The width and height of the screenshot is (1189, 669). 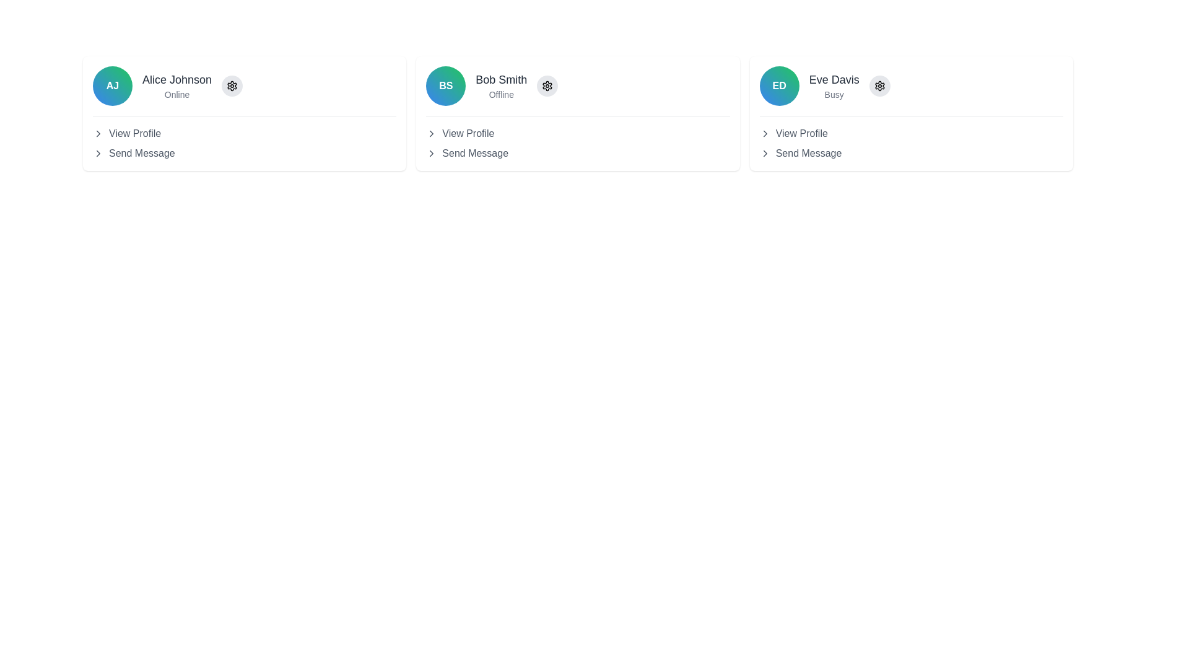 What do you see at coordinates (134, 134) in the screenshot?
I see `the 'View Profile' text link located beneath the name 'Alice Johnson'` at bounding box center [134, 134].